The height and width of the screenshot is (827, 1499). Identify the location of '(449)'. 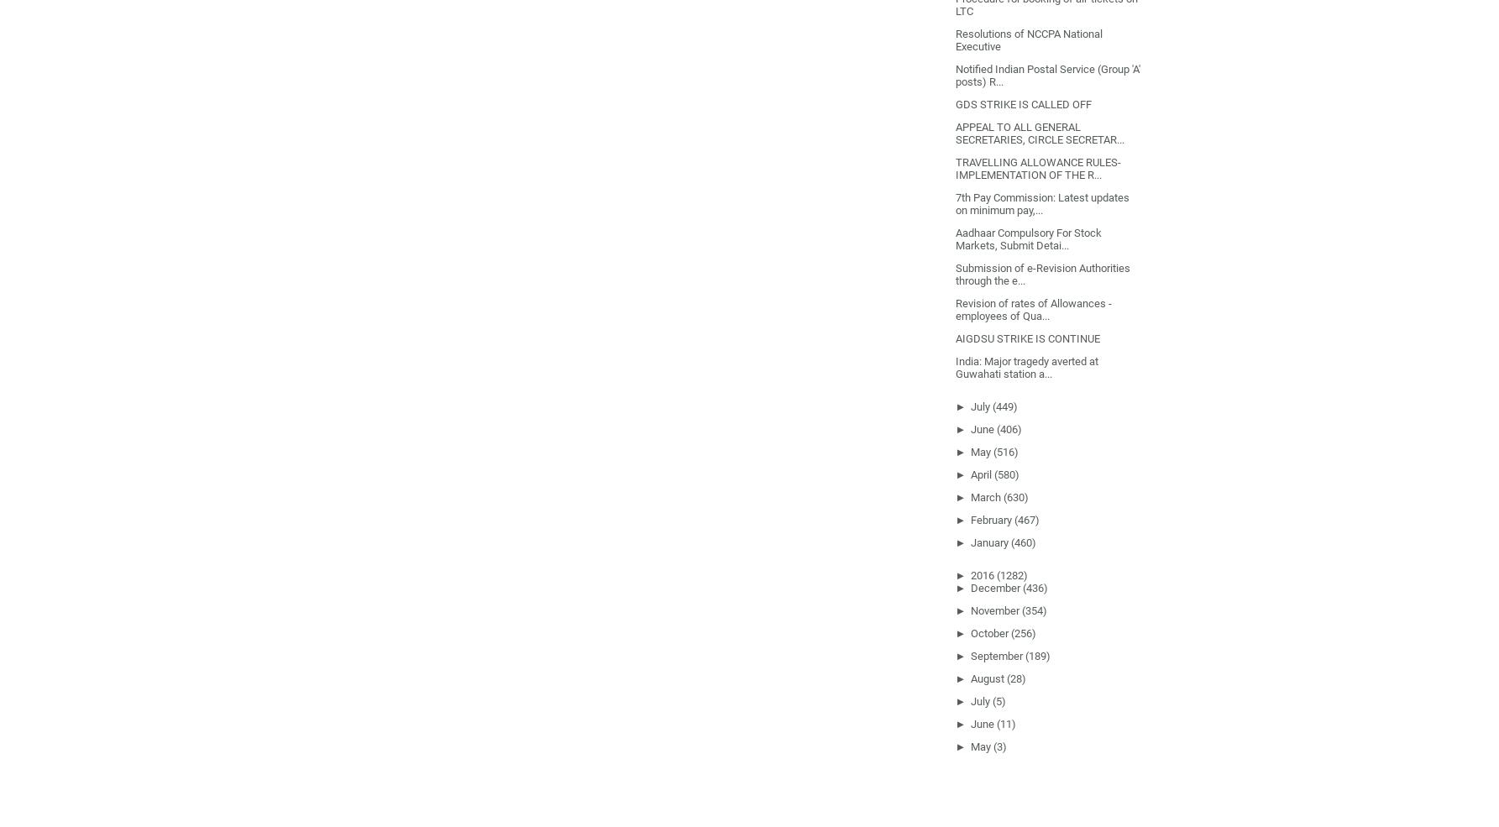
(1004, 405).